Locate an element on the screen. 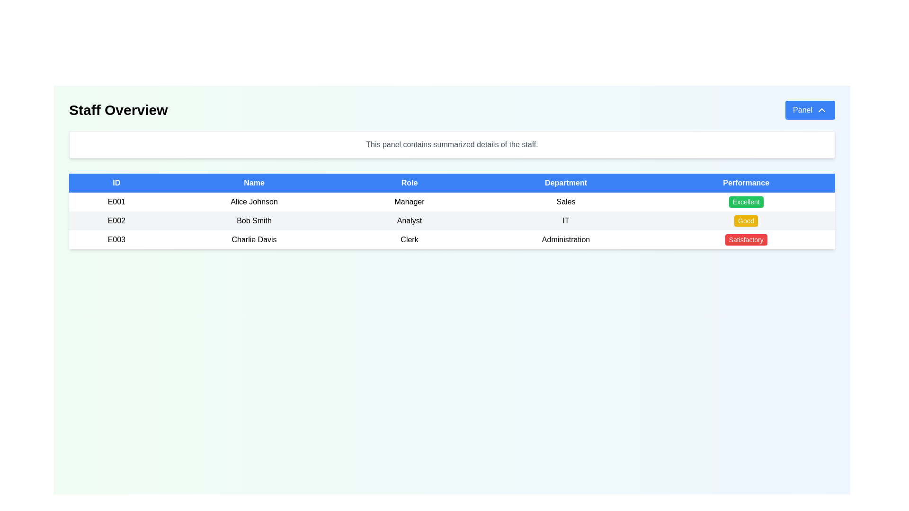 The image size is (909, 511). the text representing the name of the employee with ID 'E002', located in the second cell of the 'Name' column in the table is located at coordinates (254, 220).